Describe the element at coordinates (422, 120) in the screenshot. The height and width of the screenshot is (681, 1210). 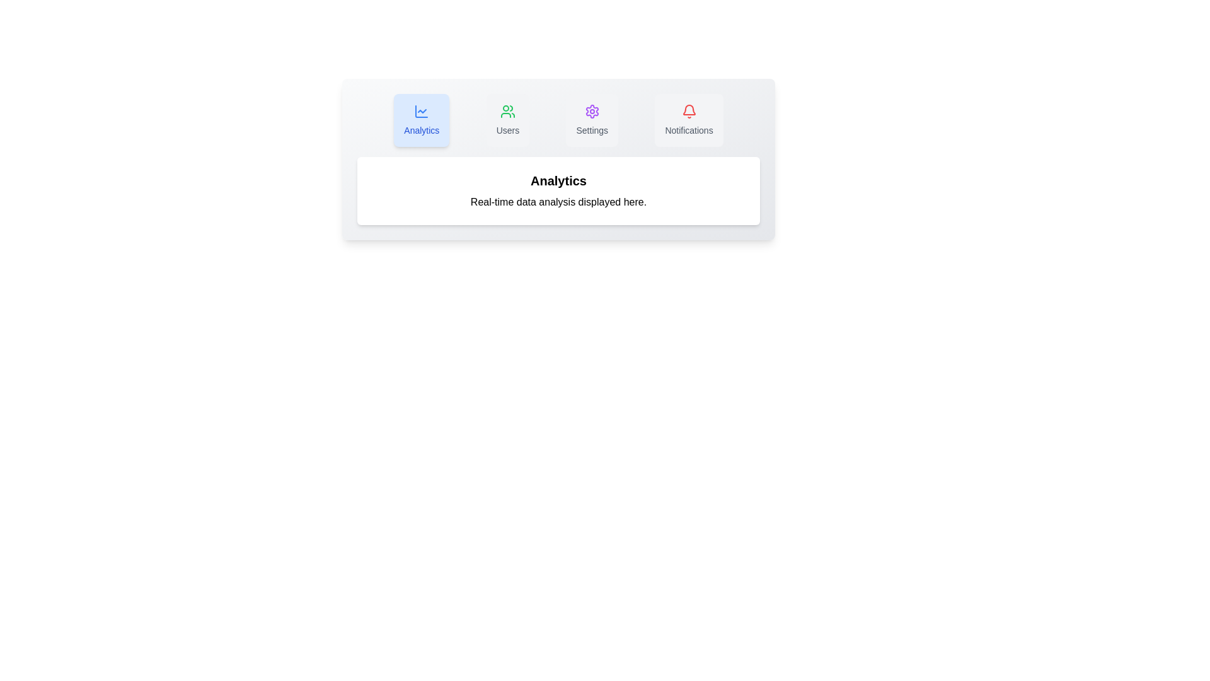
I see `the Analytics tab to switch to it` at that location.